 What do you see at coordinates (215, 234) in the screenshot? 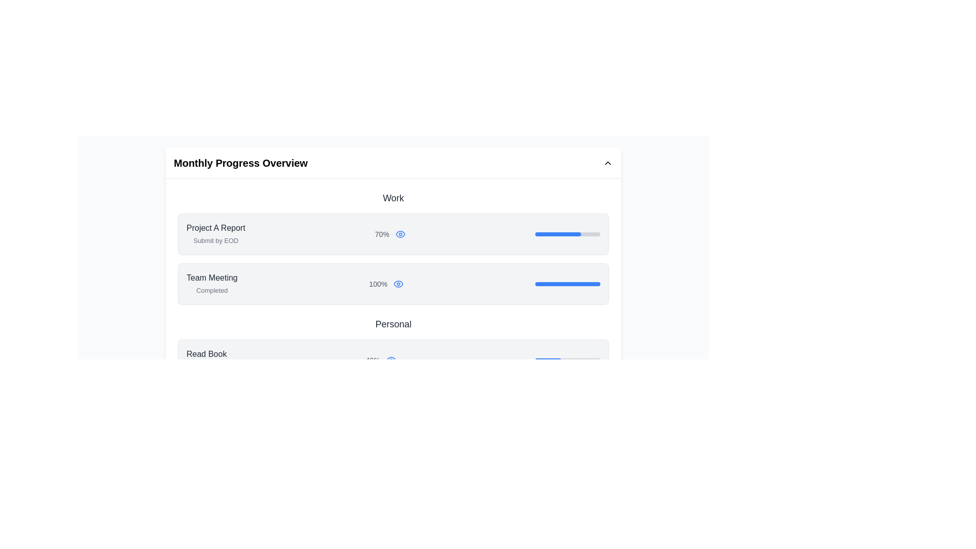
I see `the Text Block displaying 'Project A Report' with a light gray background, located in the top-left region of the rounded rectangular card under the 'Work' category` at bounding box center [215, 234].